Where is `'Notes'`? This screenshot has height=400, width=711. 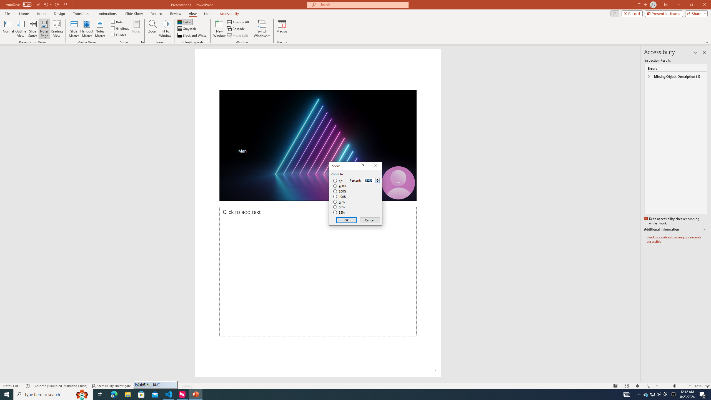
'Notes' is located at coordinates (136, 29).